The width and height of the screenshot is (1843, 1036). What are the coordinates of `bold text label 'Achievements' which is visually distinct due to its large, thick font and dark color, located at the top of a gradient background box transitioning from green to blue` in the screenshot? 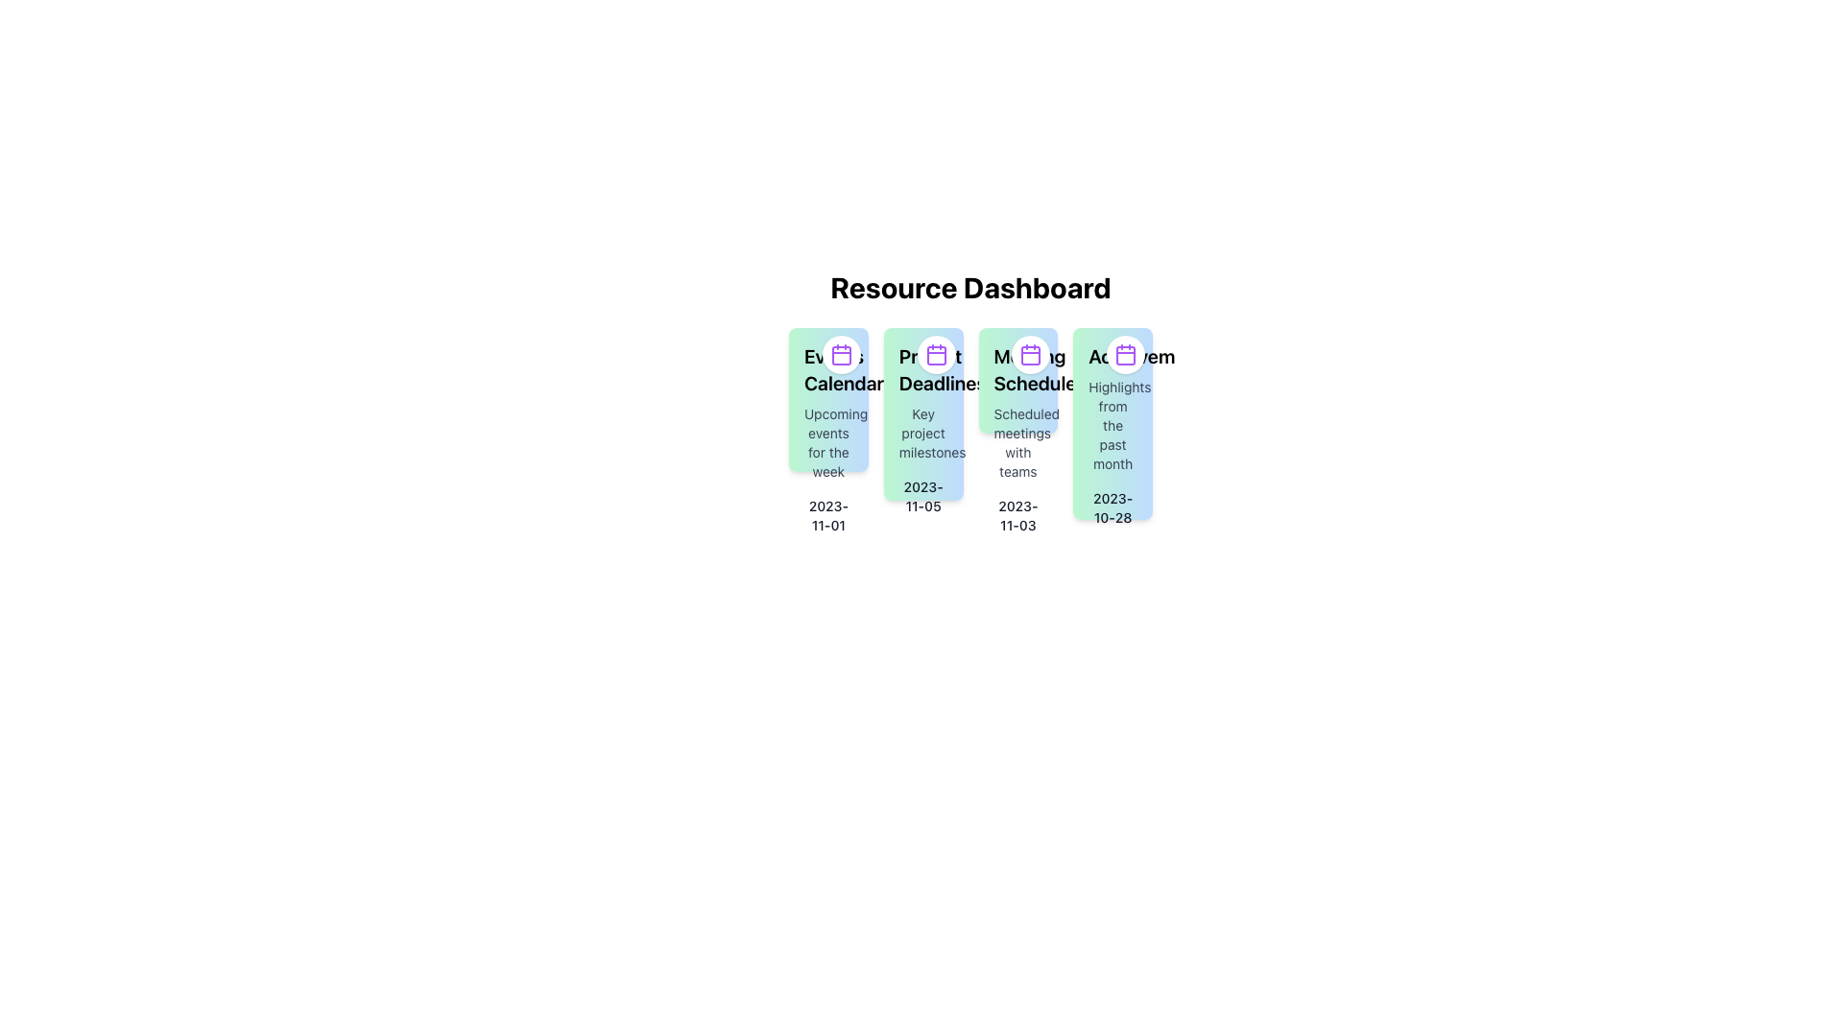 It's located at (1113, 356).